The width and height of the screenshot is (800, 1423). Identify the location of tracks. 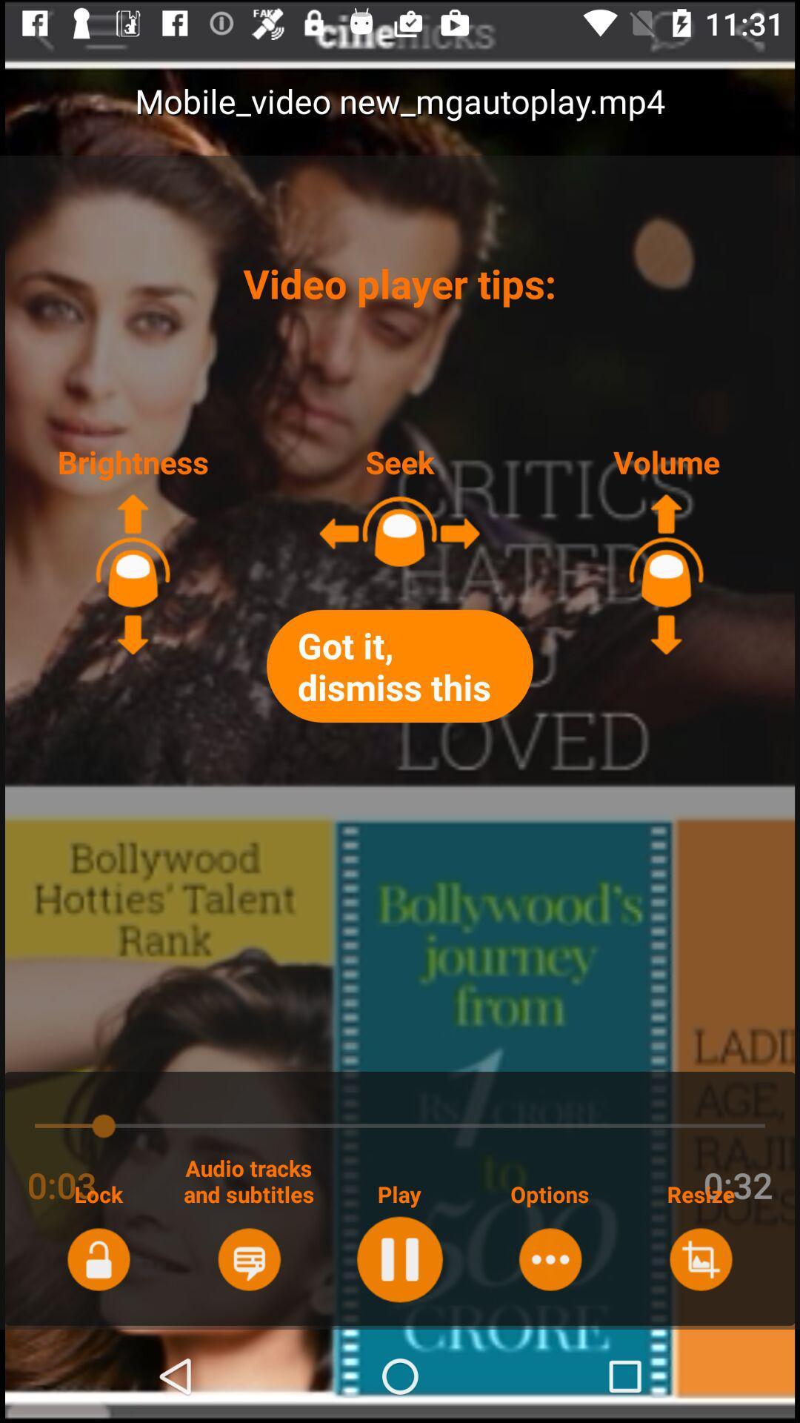
(248, 1258).